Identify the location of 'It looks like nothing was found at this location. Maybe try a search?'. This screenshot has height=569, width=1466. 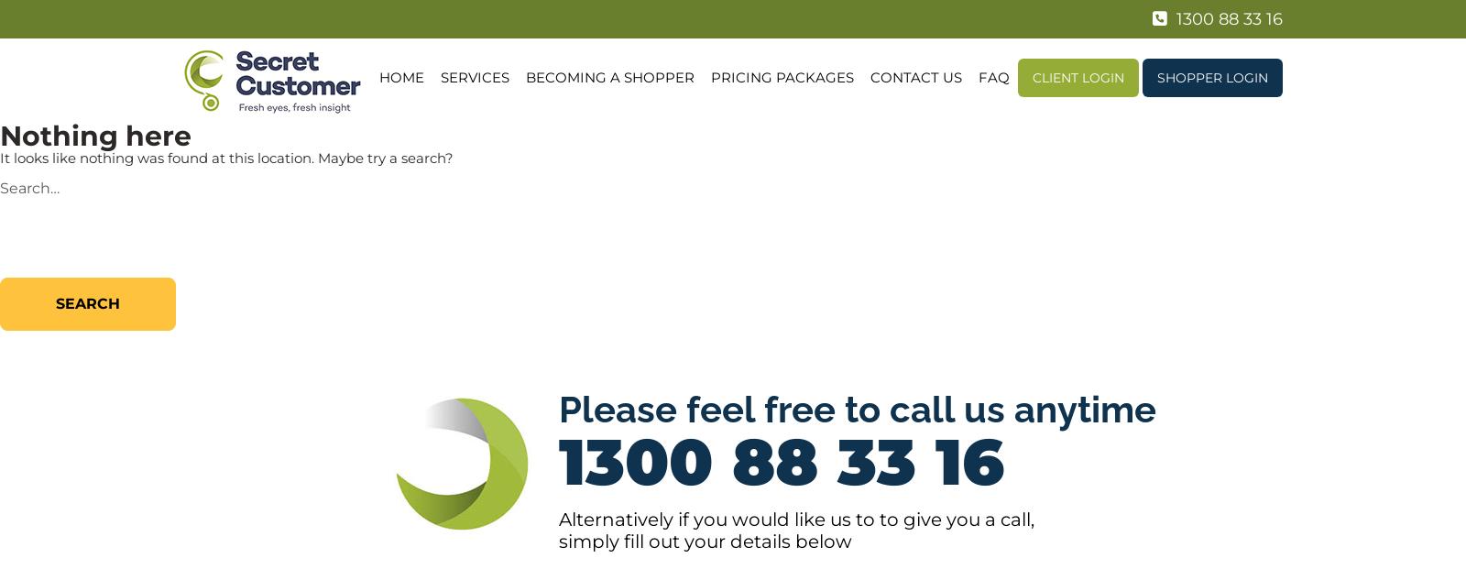
(226, 157).